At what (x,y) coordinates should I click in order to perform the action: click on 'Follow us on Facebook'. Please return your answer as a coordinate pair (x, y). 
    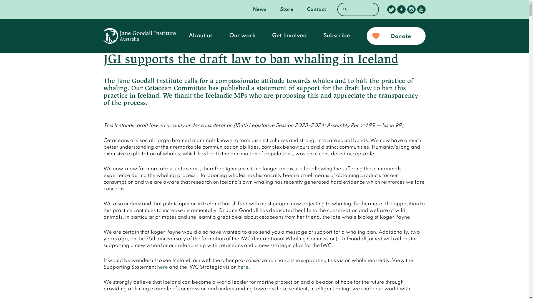
    Looking at the image, I should click on (397, 9).